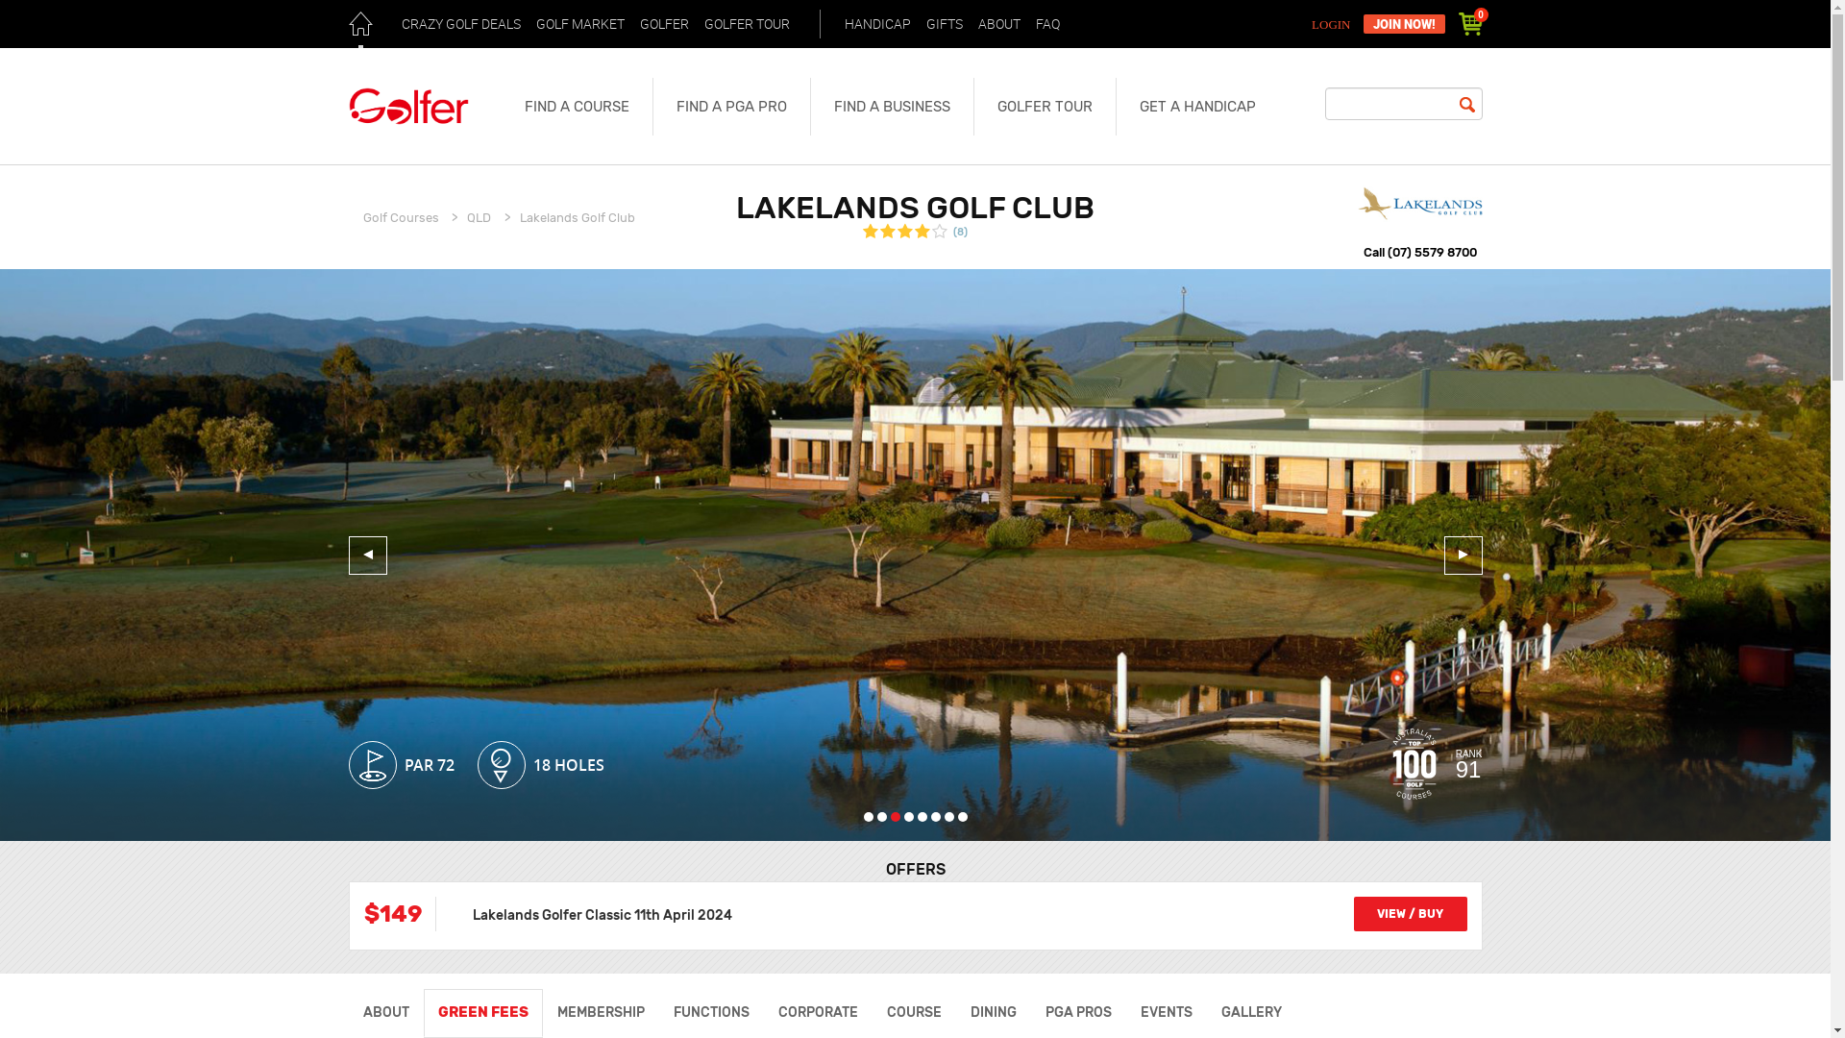 The width and height of the screenshot is (1845, 1038). Describe the element at coordinates (1332, 25) in the screenshot. I see `'LOGIN'` at that location.